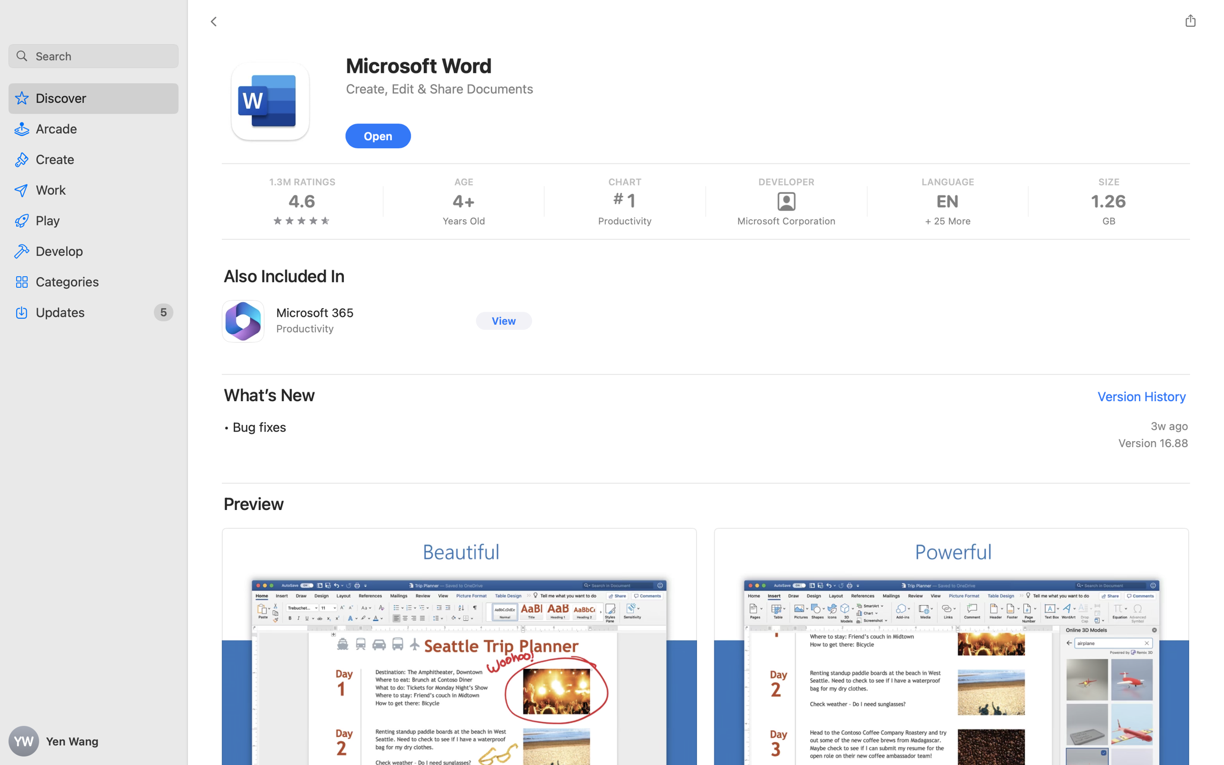  Describe the element at coordinates (302, 200) in the screenshot. I see `'4.6'` at that location.